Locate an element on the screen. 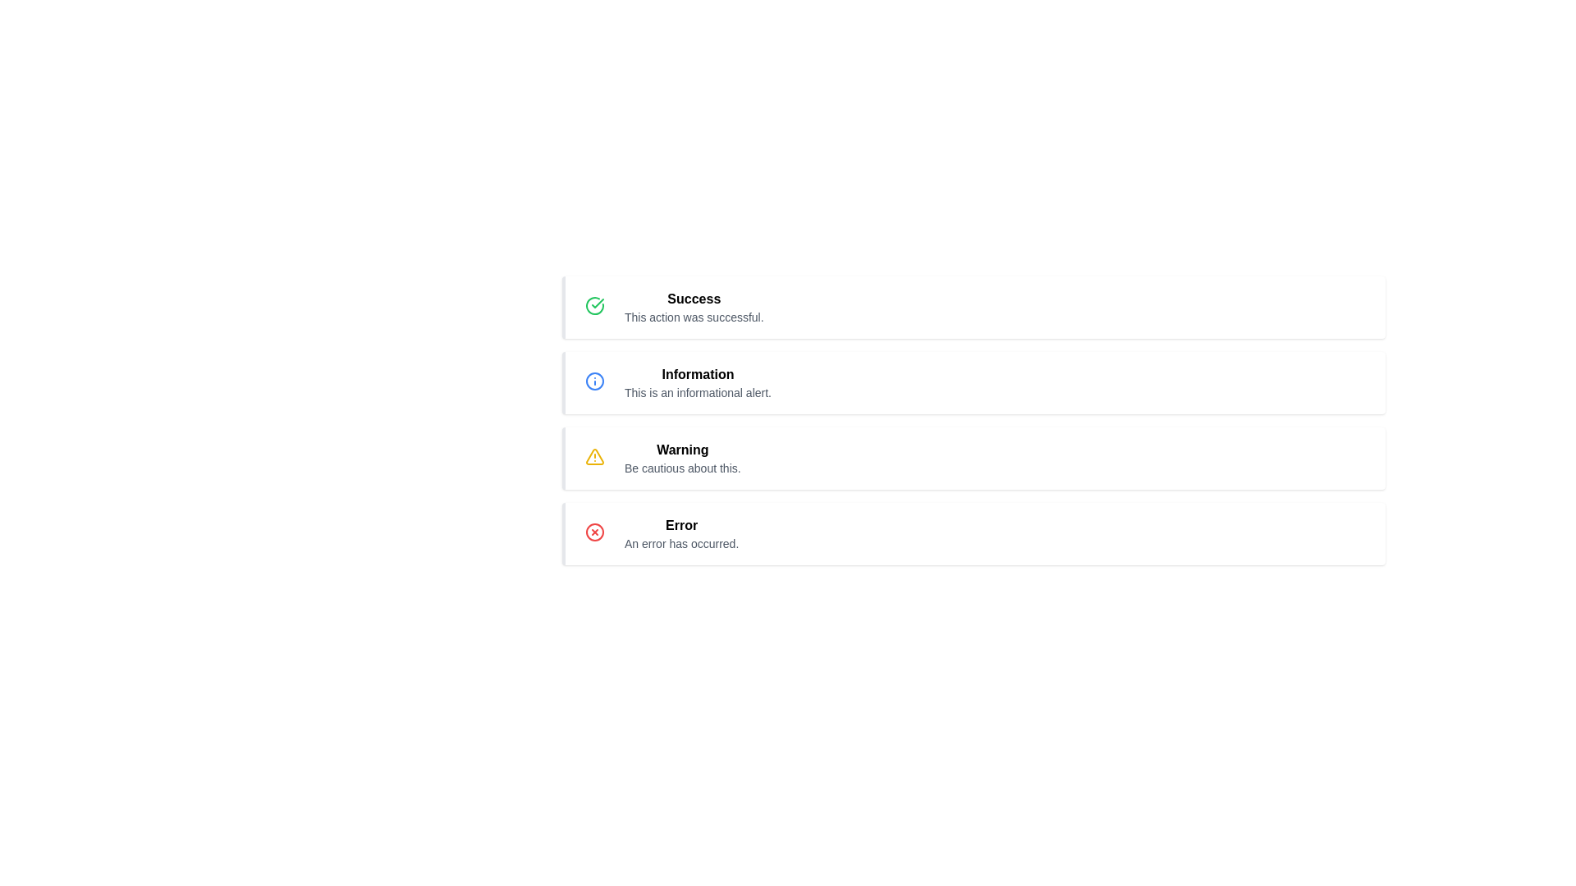 Image resolution: width=1576 pixels, height=886 pixels. the 'Success' status icon located in the first row of the list interface, to the left of the 'Success' text, which indicates successful completion of an action is located at coordinates (597, 304).